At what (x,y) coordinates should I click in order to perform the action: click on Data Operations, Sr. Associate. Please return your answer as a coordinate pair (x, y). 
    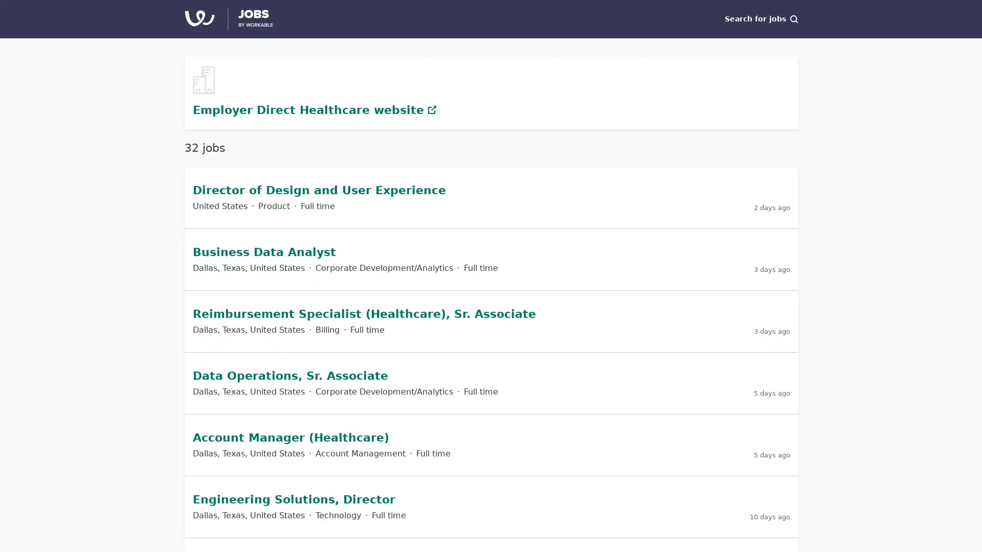
    Looking at the image, I should click on (289, 375).